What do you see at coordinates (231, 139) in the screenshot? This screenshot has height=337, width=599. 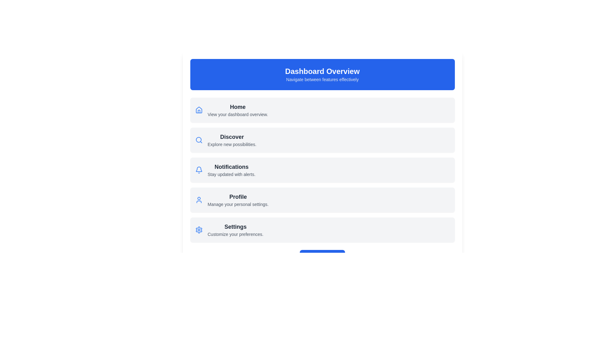 I see `the 'Discover' text label within the clickable card that is the second entry in the vertical list of menu options` at bounding box center [231, 139].